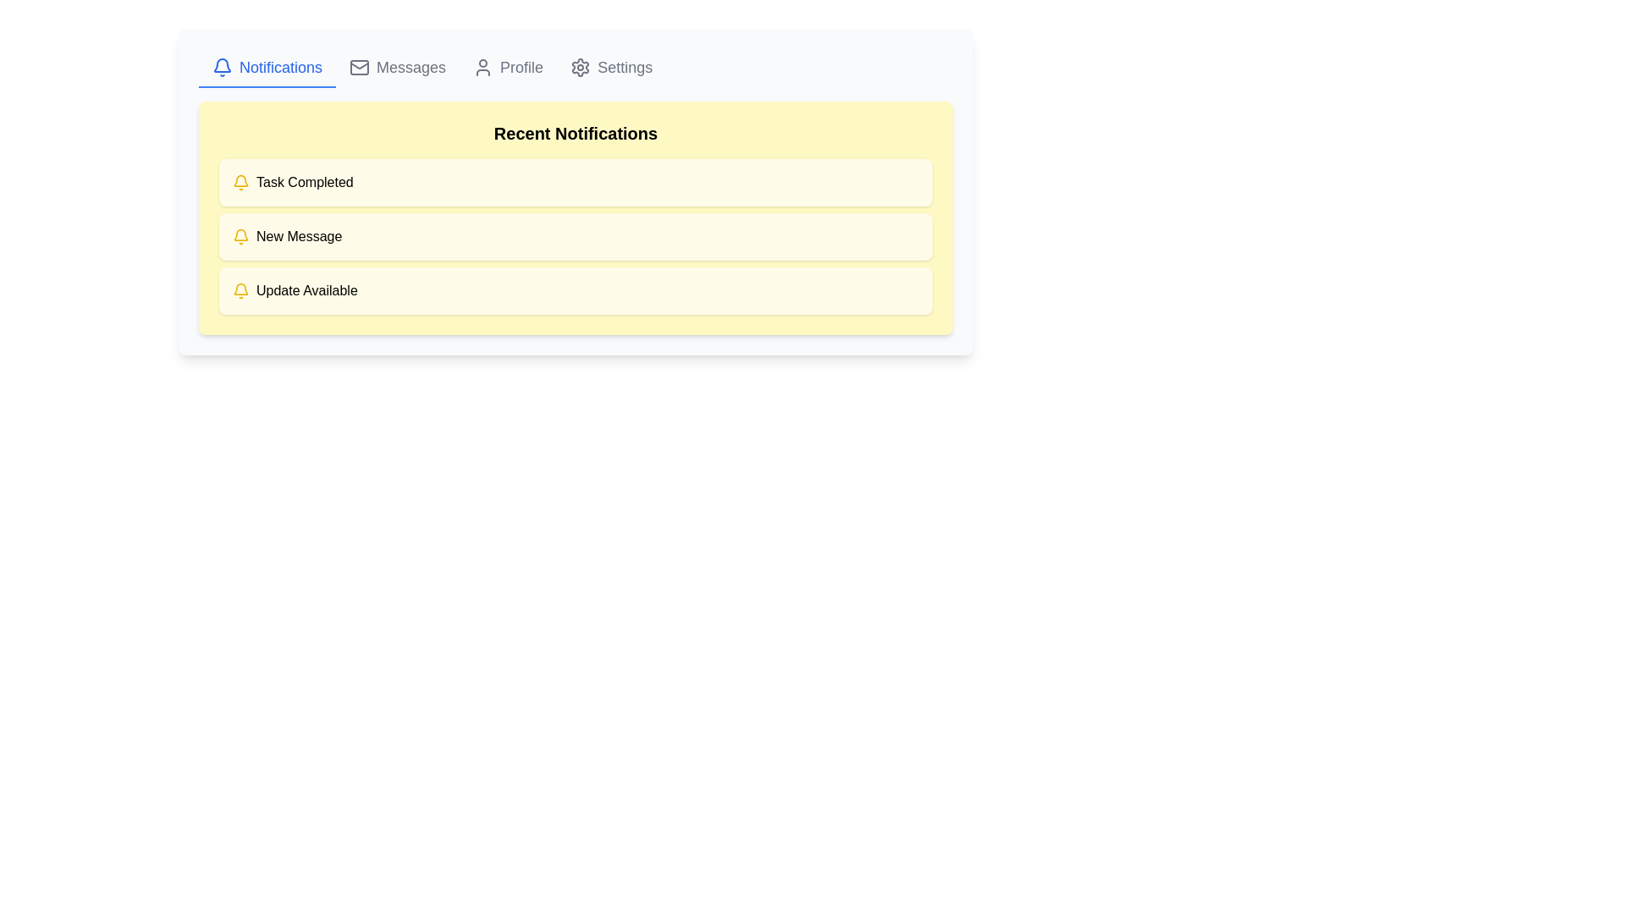  Describe the element at coordinates (581, 67) in the screenshot. I see `the cogwheel-shaped icon in the navigation bar` at that location.